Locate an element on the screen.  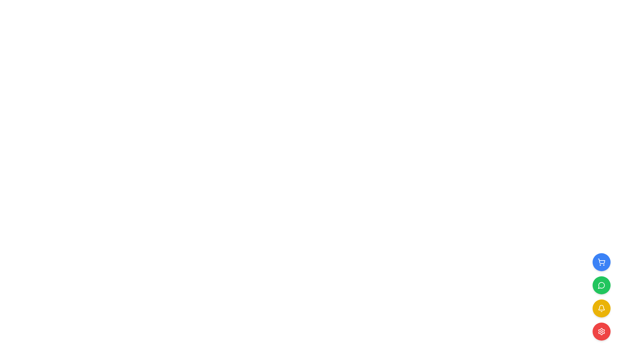
the circular blue button with a white shopping cart icon is located at coordinates (601, 262).